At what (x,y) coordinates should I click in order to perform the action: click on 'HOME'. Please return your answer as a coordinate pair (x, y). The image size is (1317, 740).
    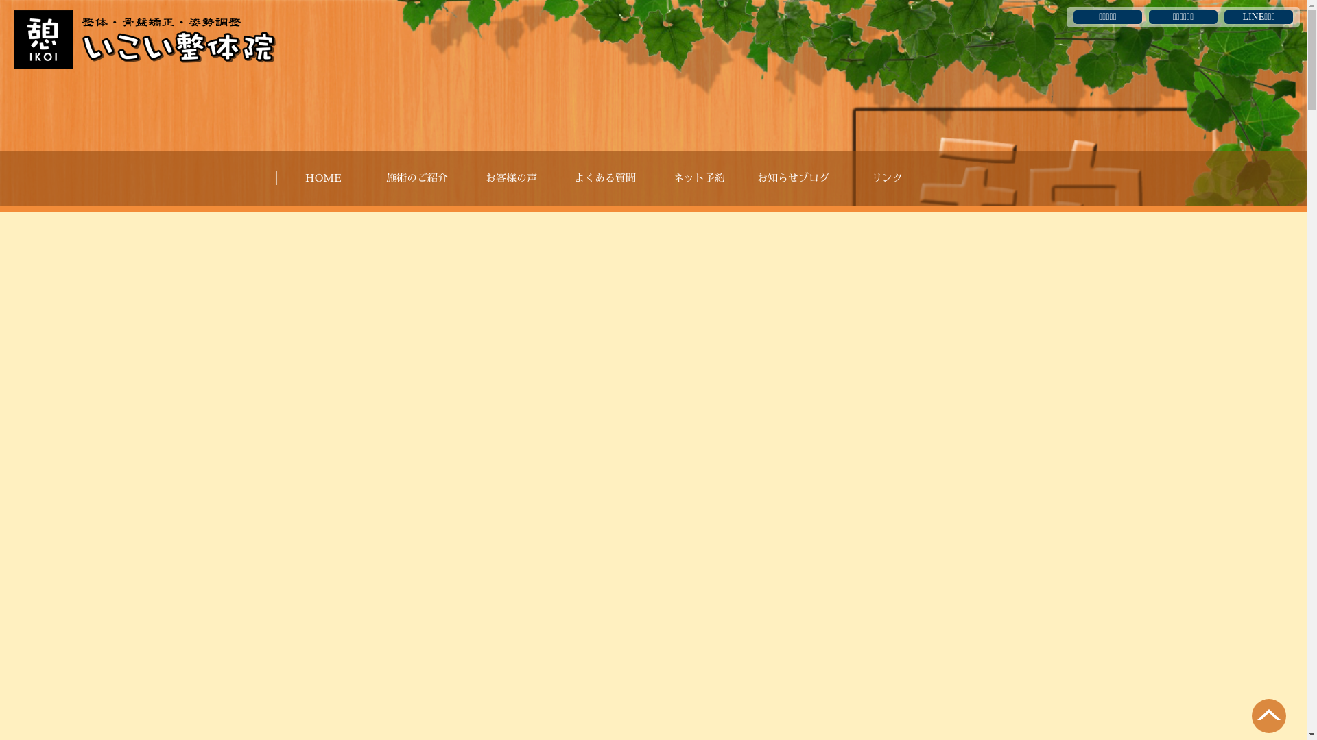
    Looking at the image, I should click on (322, 177).